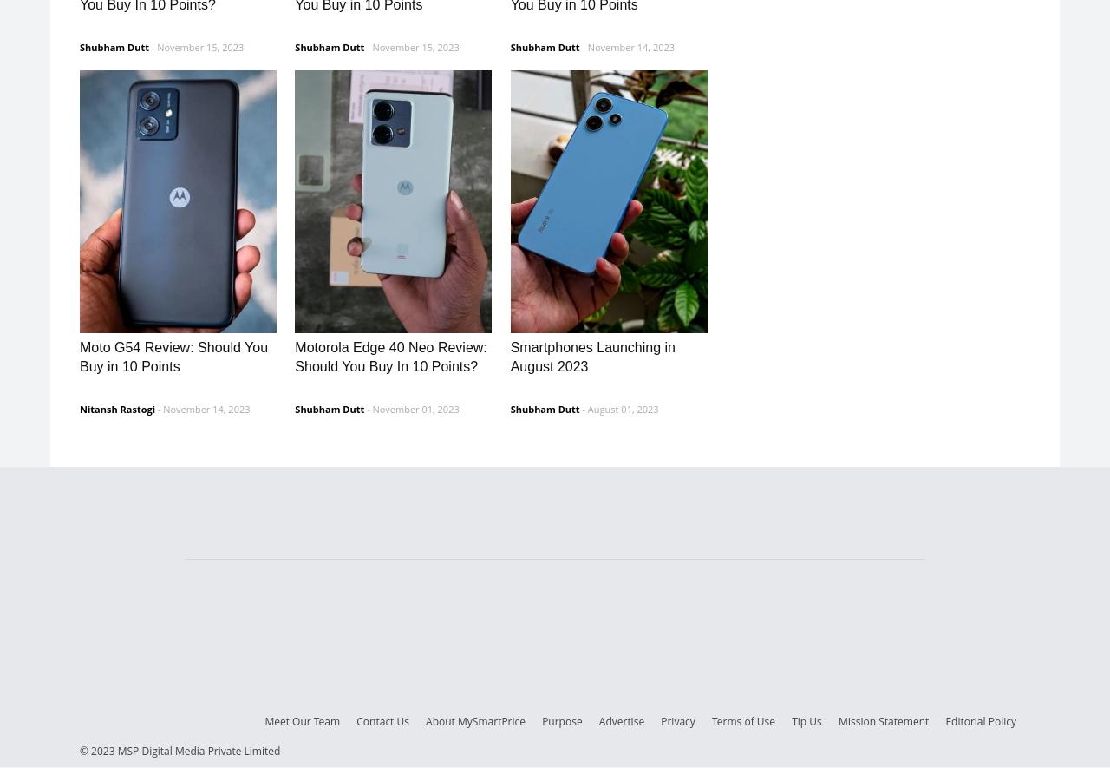  What do you see at coordinates (173, 356) in the screenshot?
I see `'Moto G54 Review: Should You Buy in 10 Points'` at bounding box center [173, 356].